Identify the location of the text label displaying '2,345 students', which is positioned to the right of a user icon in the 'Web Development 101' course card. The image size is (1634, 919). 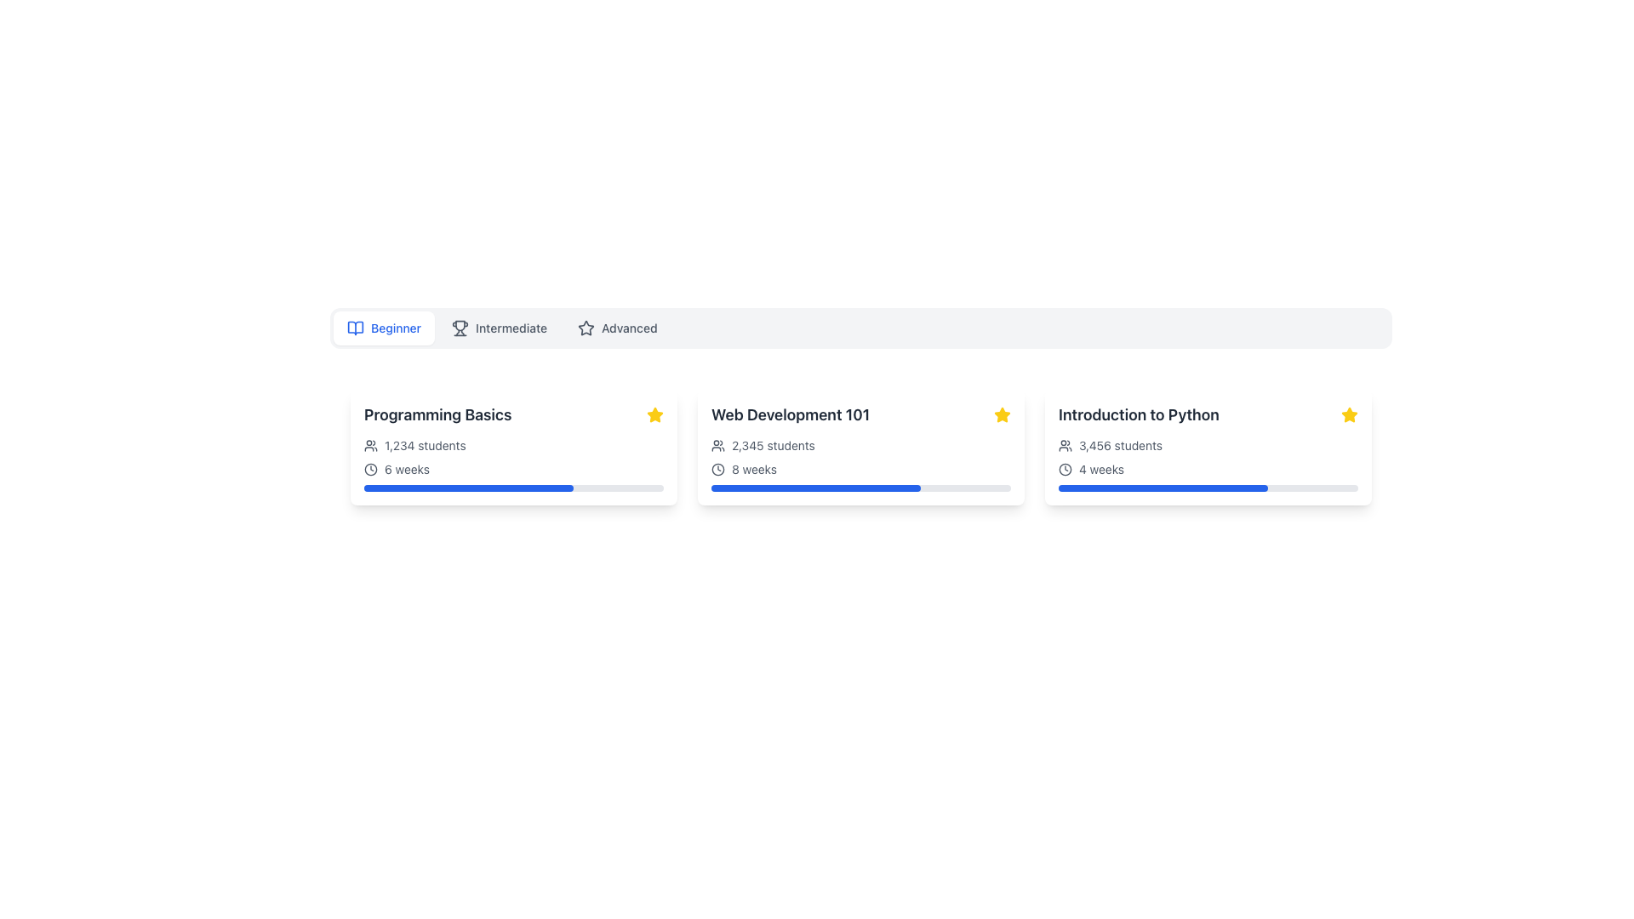
(772, 445).